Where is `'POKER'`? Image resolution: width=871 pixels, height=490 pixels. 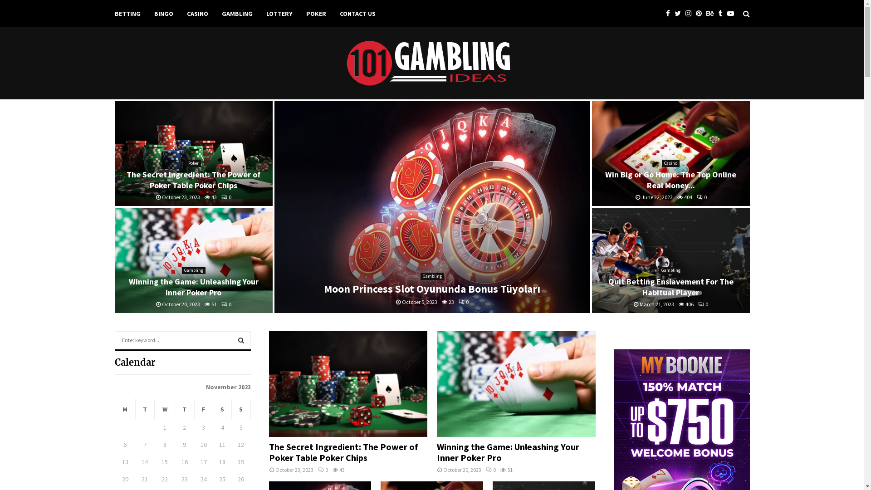 'POKER' is located at coordinates (316, 14).